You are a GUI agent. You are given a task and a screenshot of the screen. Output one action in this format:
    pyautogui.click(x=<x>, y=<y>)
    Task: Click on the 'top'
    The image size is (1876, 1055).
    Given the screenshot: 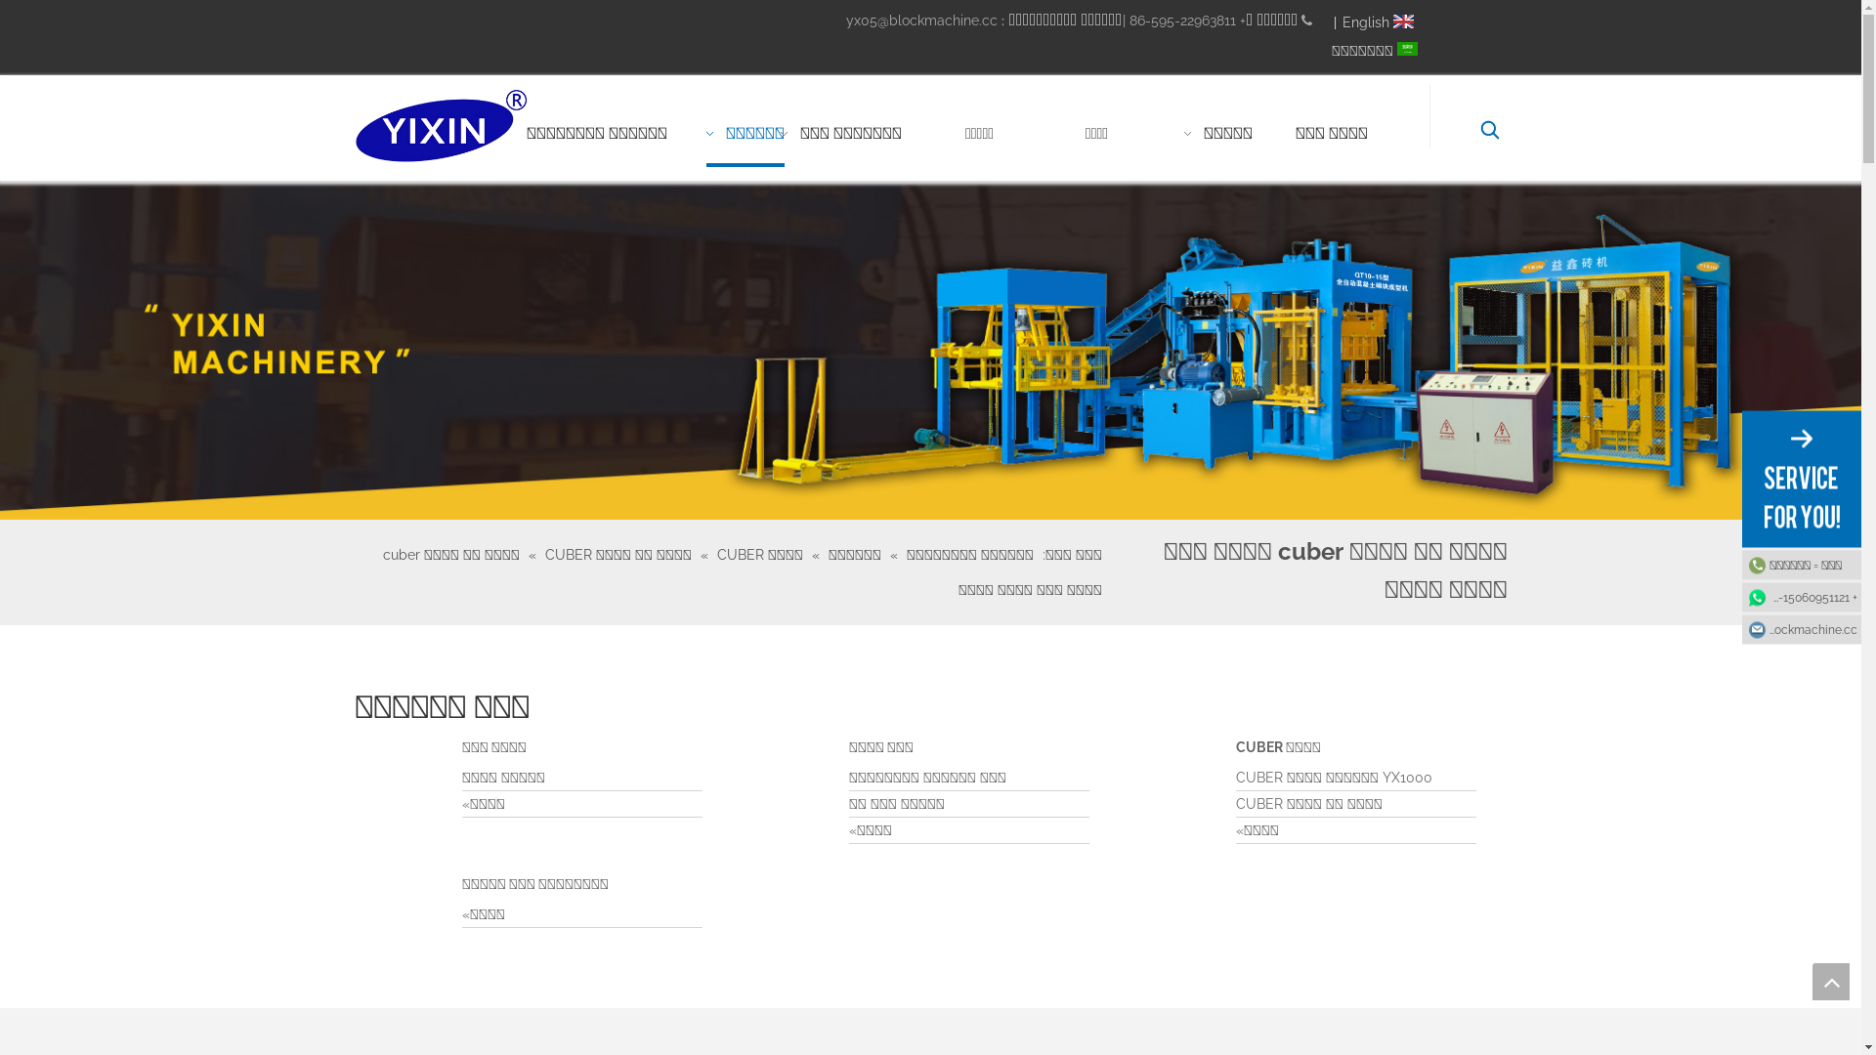 What is the action you would take?
    pyautogui.click(x=1829, y=982)
    